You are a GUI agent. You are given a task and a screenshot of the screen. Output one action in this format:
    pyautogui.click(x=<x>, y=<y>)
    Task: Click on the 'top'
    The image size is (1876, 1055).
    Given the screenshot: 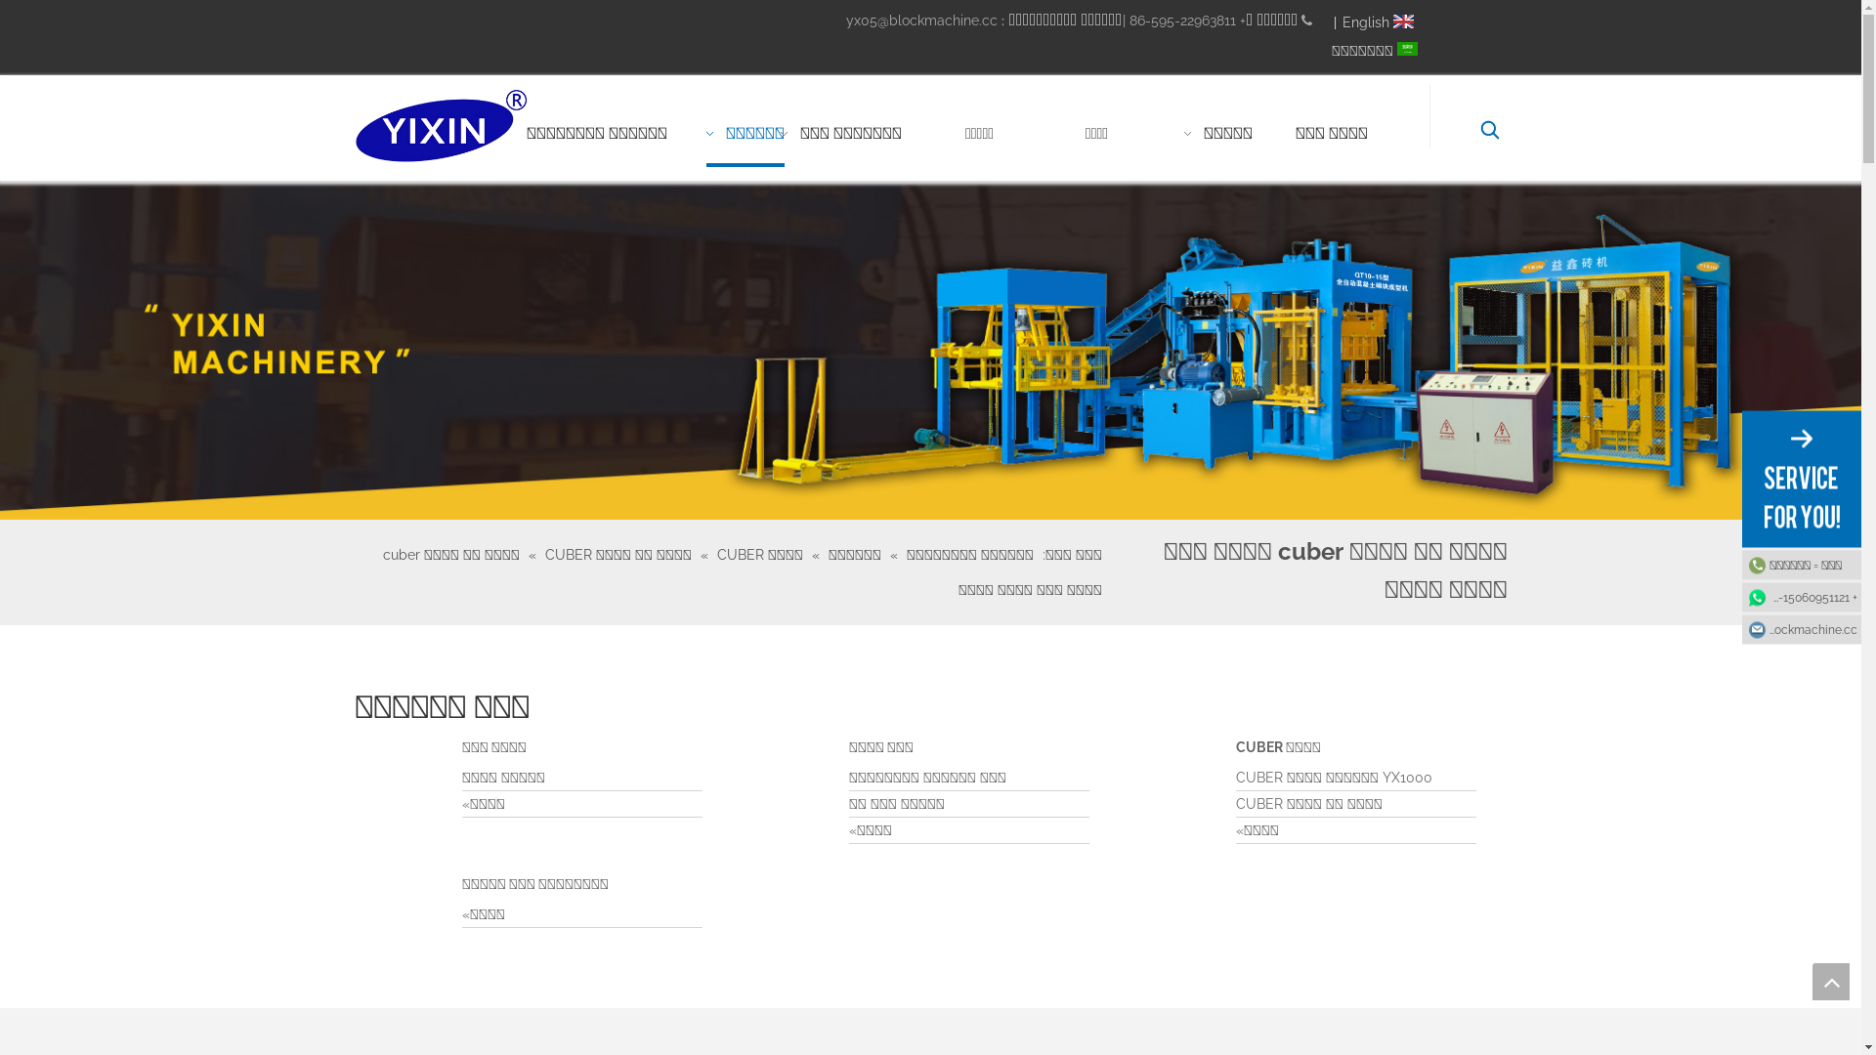 What is the action you would take?
    pyautogui.click(x=1829, y=982)
    